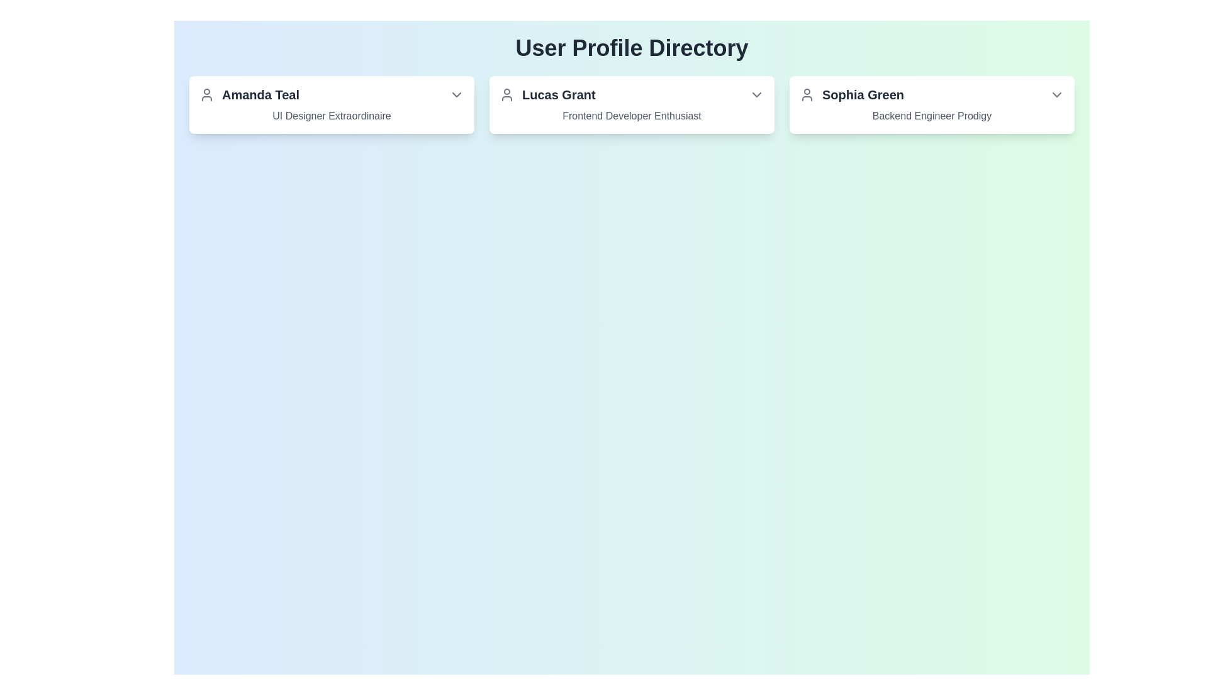 The image size is (1208, 679). I want to click on the dropdown toggle button icon located at the top right corner of the card associated with user 'Sophia Green', so click(1057, 94).